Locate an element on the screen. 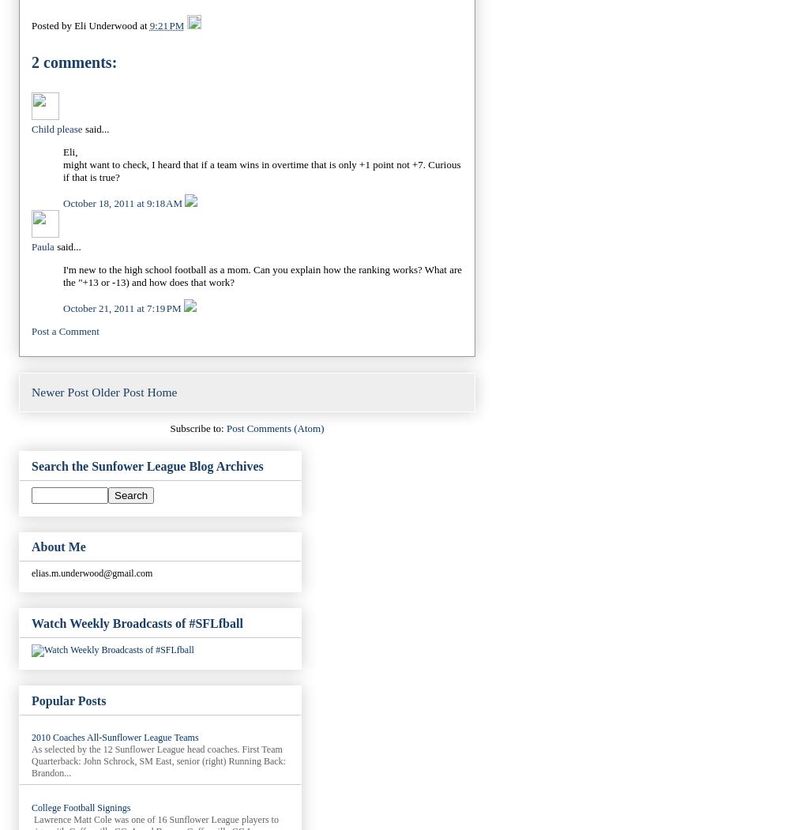 The width and height of the screenshot is (796, 830). 'might want to check, I heard that if a team wins in overtime that is only +1 point not +7.  Curious if that is true?' is located at coordinates (261, 170).